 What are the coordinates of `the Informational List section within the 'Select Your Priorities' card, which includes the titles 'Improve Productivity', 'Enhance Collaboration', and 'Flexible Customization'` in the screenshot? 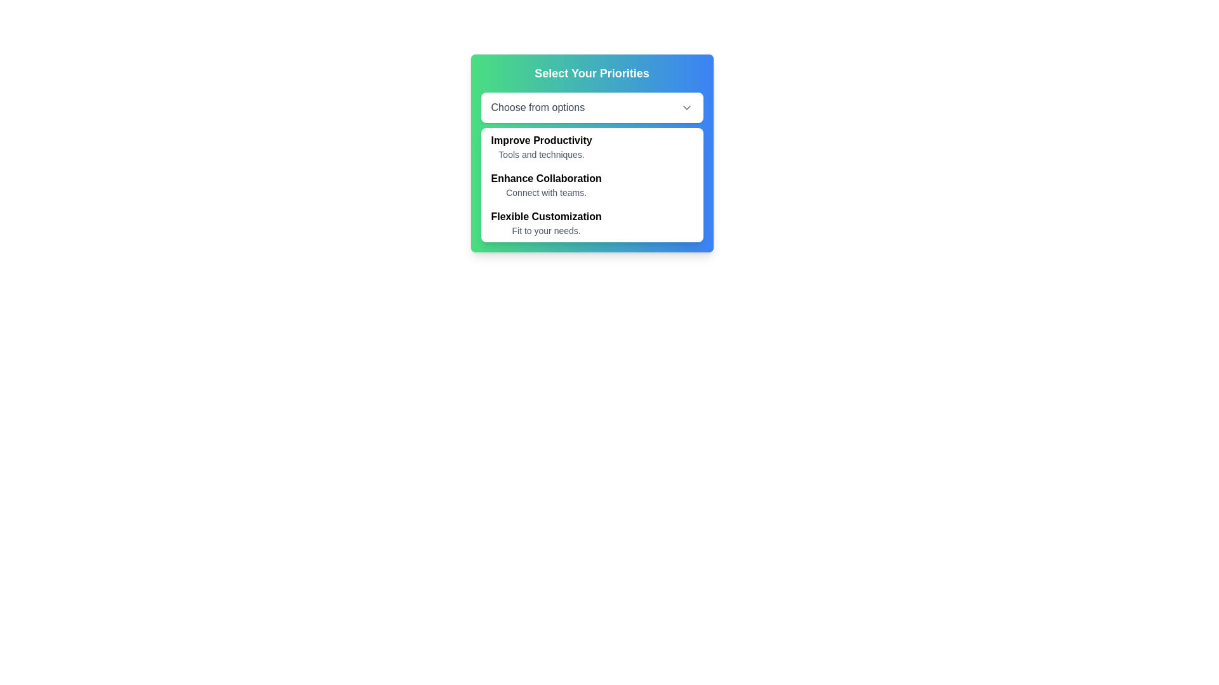 It's located at (591, 185).